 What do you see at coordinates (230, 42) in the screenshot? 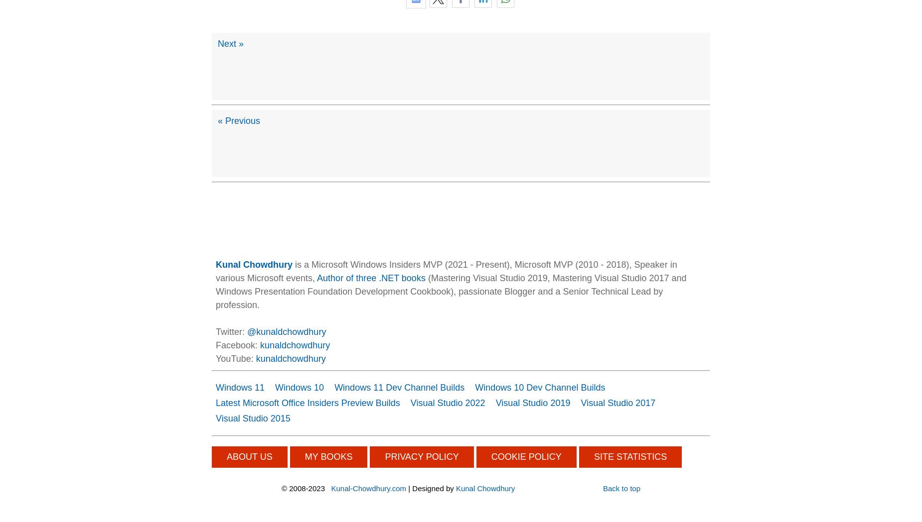
I see `'Next »'` at bounding box center [230, 42].